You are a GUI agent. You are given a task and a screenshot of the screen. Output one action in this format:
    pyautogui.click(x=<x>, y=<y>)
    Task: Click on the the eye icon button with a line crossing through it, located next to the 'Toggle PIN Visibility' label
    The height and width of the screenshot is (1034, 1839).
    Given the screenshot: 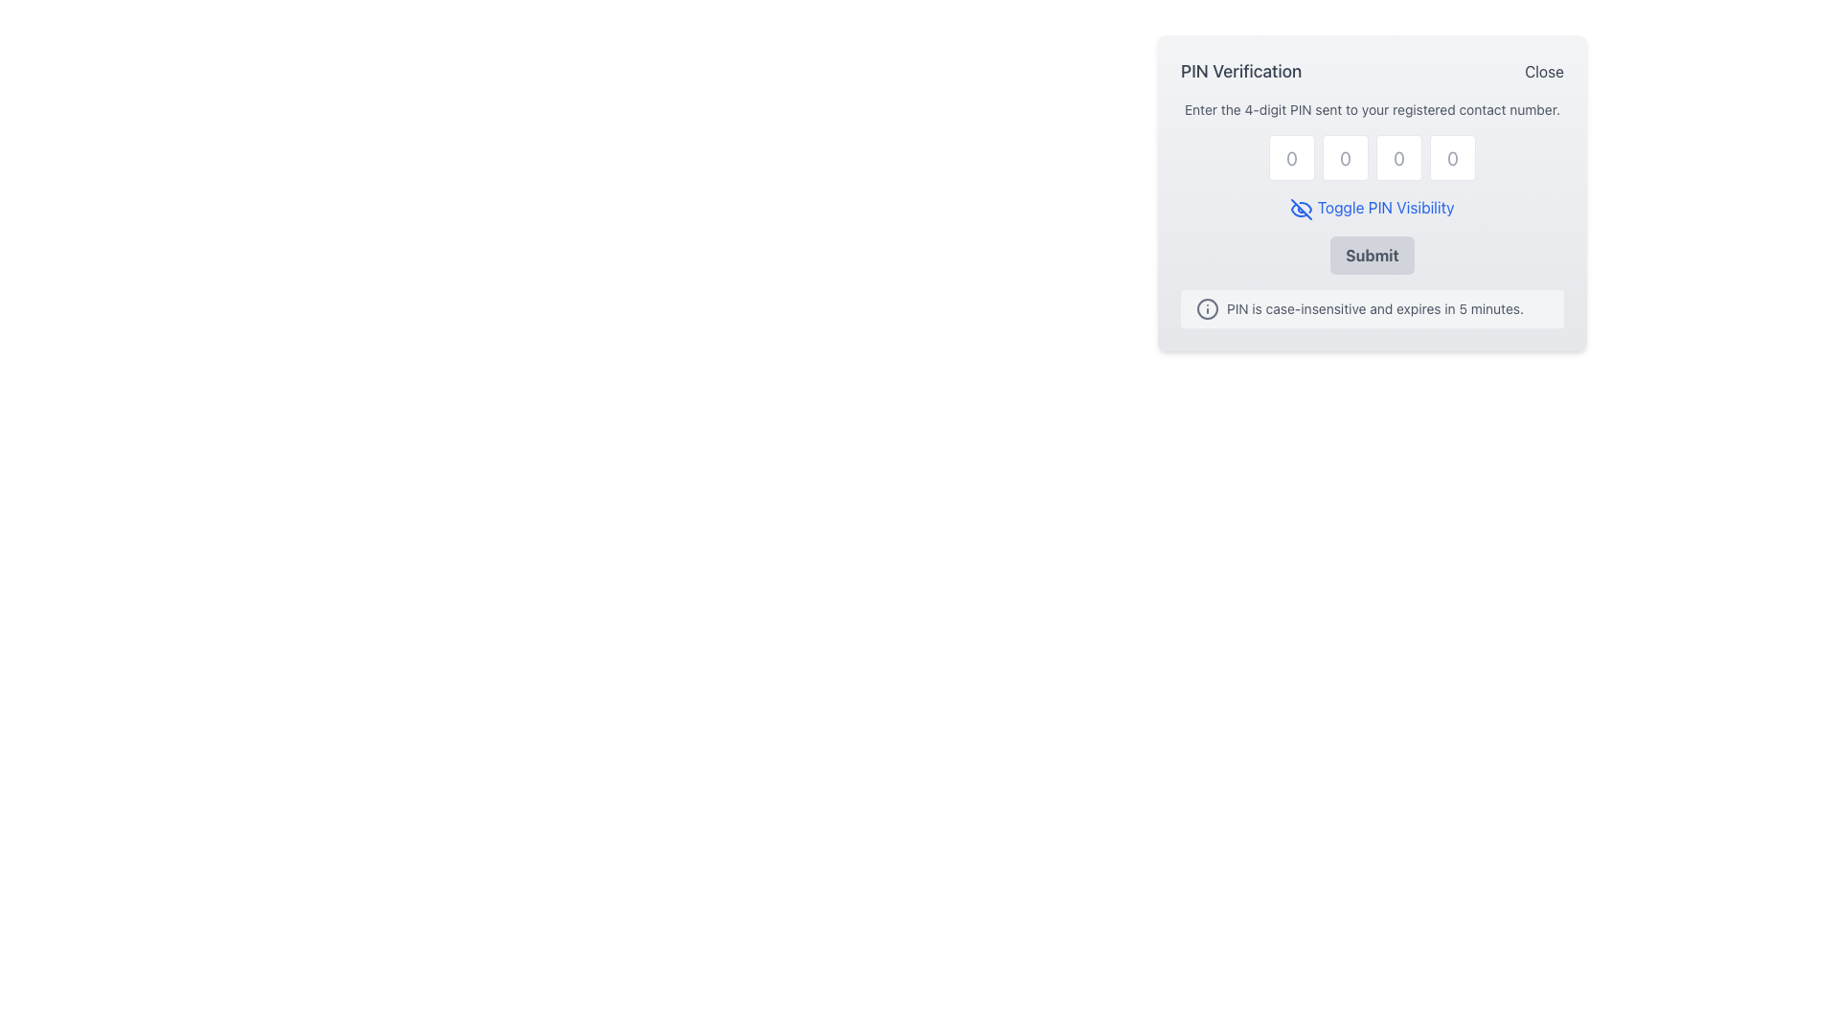 What is the action you would take?
    pyautogui.click(x=1302, y=209)
    